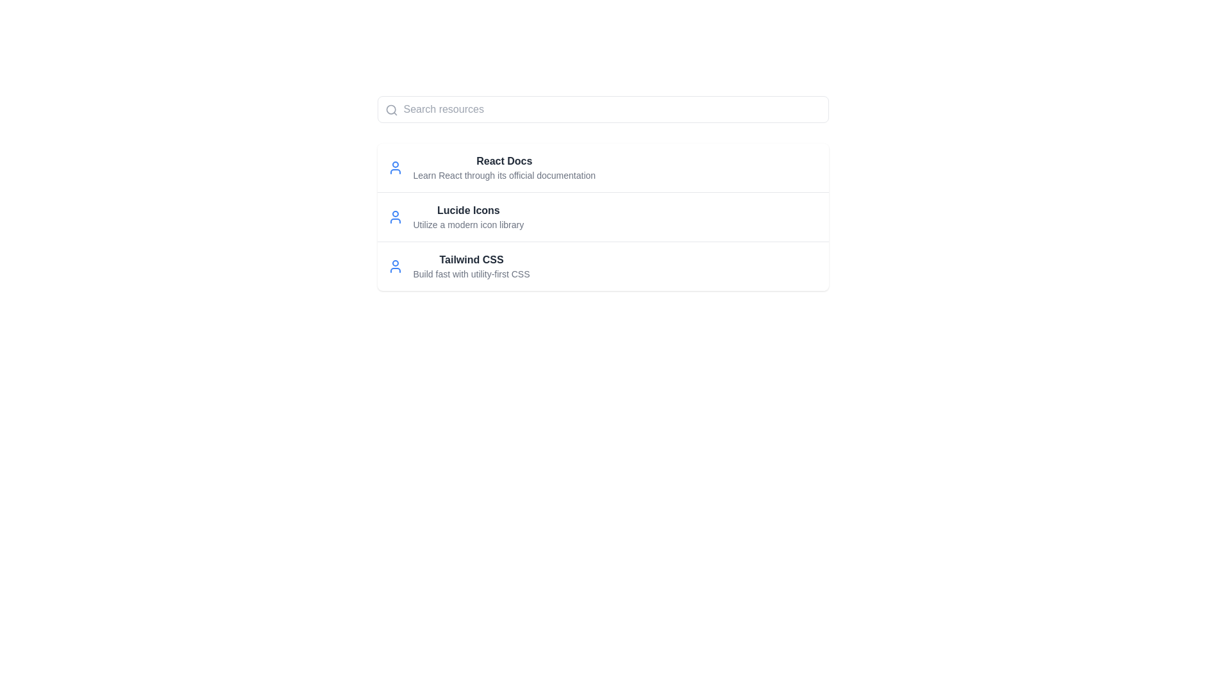  Describe the element at coordinates (467, 210) in the screenshot. I see `the Text Label element displaying 'Lucide Icons', which is bold and grayish-black, positioned centrally between 'React Docs' and 'Tailwind CSS'` at that location.